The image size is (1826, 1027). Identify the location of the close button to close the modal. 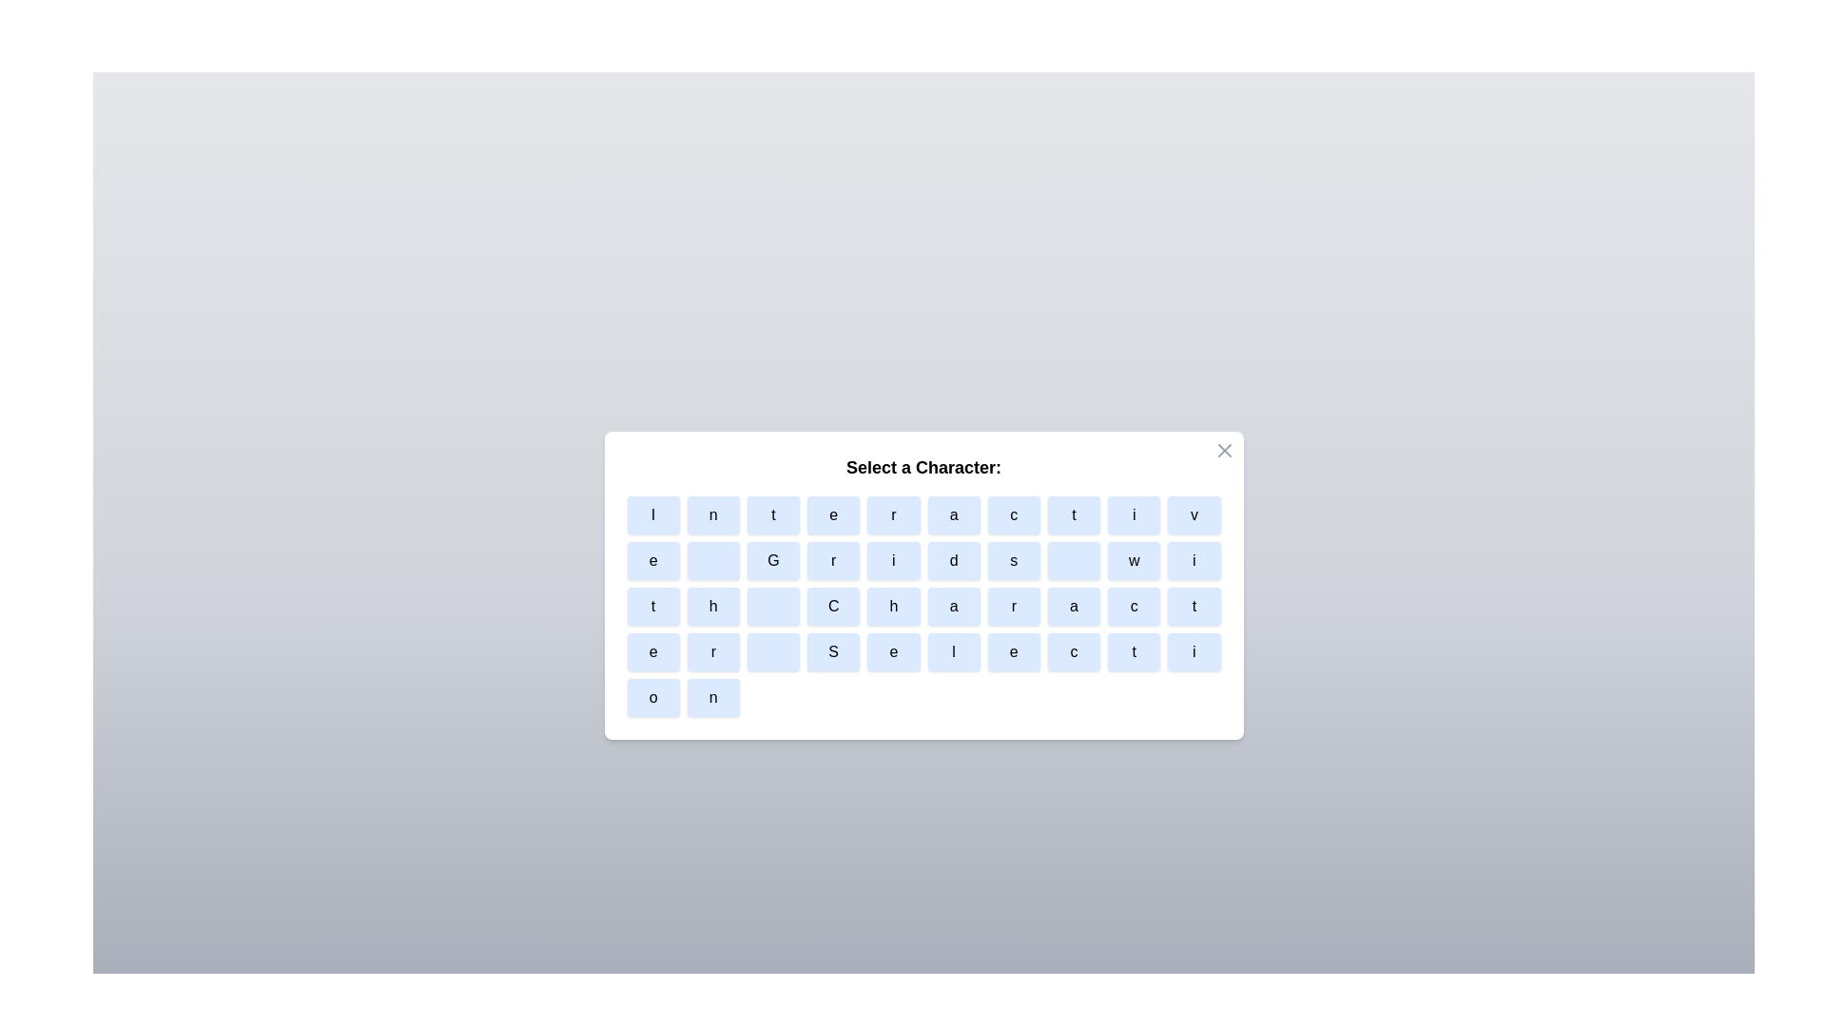
(1224, 451).